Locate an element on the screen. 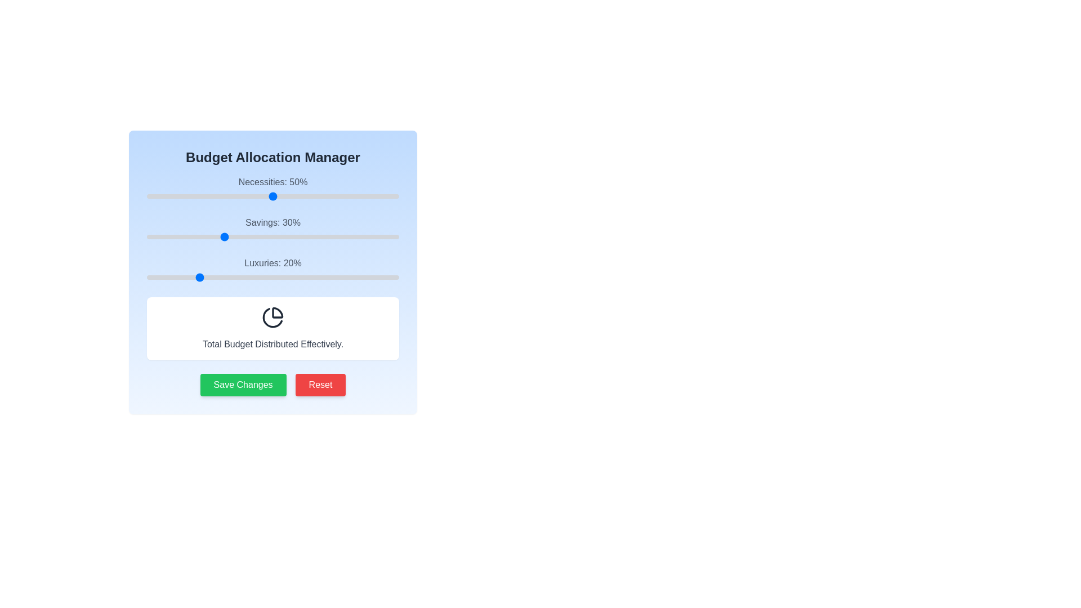 The width and height of the screenshot is (1081, 608). the luxuries allocation is located at coordinates (320, 278).